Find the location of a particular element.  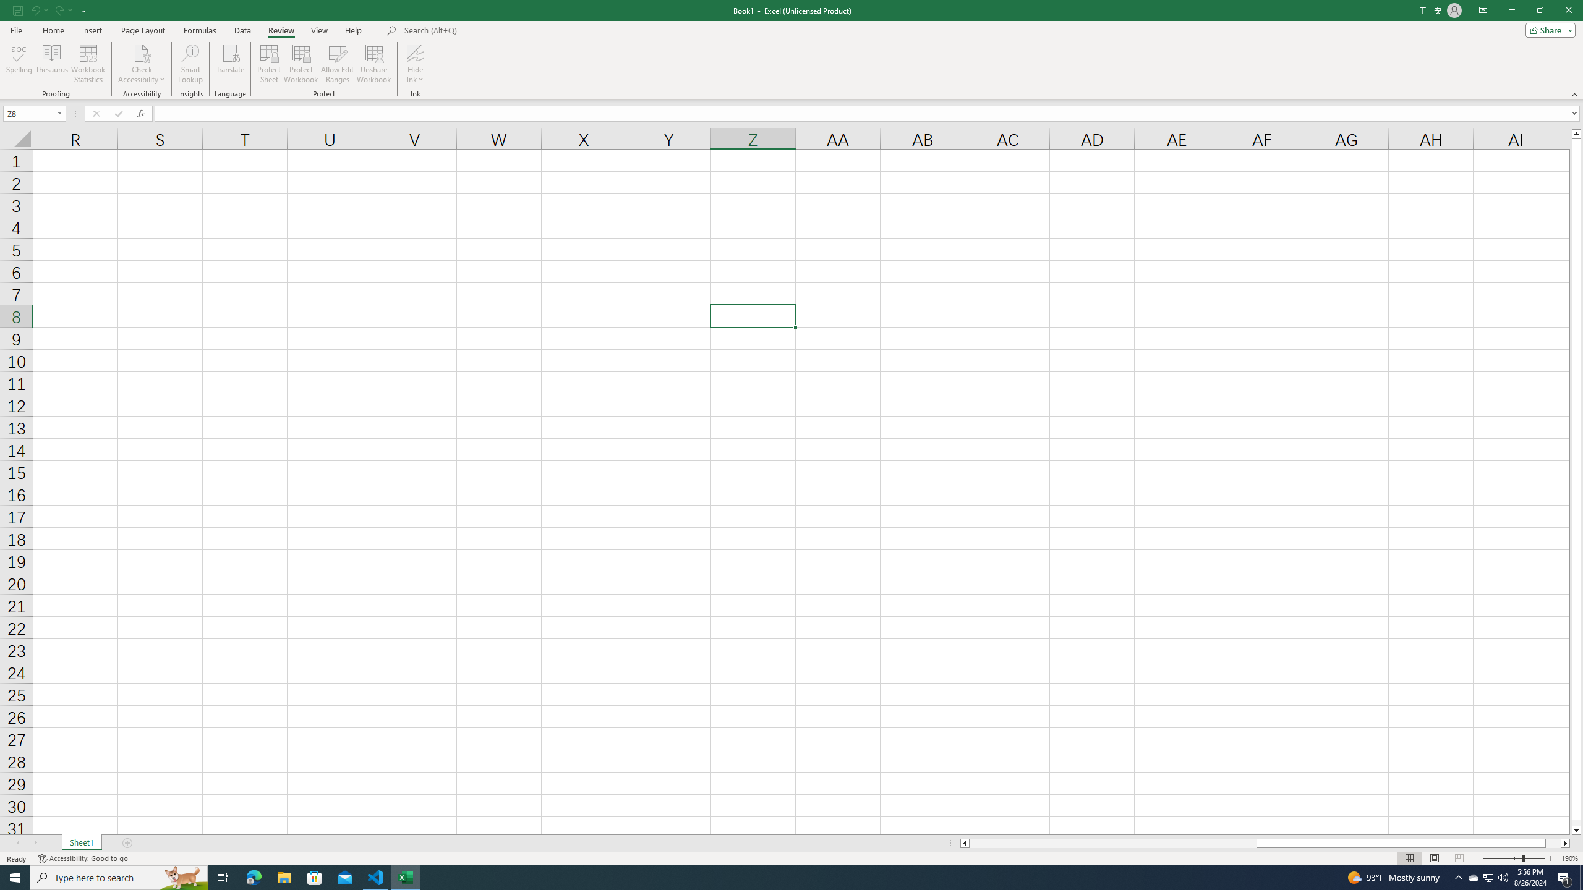

'Hide Ink' is located at coordinates (416, 52).